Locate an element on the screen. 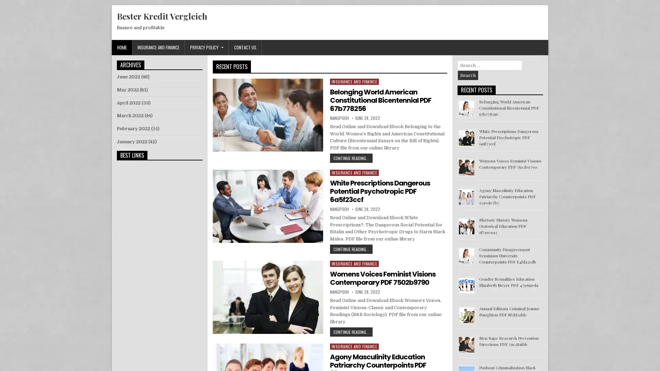  Search is located at coordinates (467, 75).